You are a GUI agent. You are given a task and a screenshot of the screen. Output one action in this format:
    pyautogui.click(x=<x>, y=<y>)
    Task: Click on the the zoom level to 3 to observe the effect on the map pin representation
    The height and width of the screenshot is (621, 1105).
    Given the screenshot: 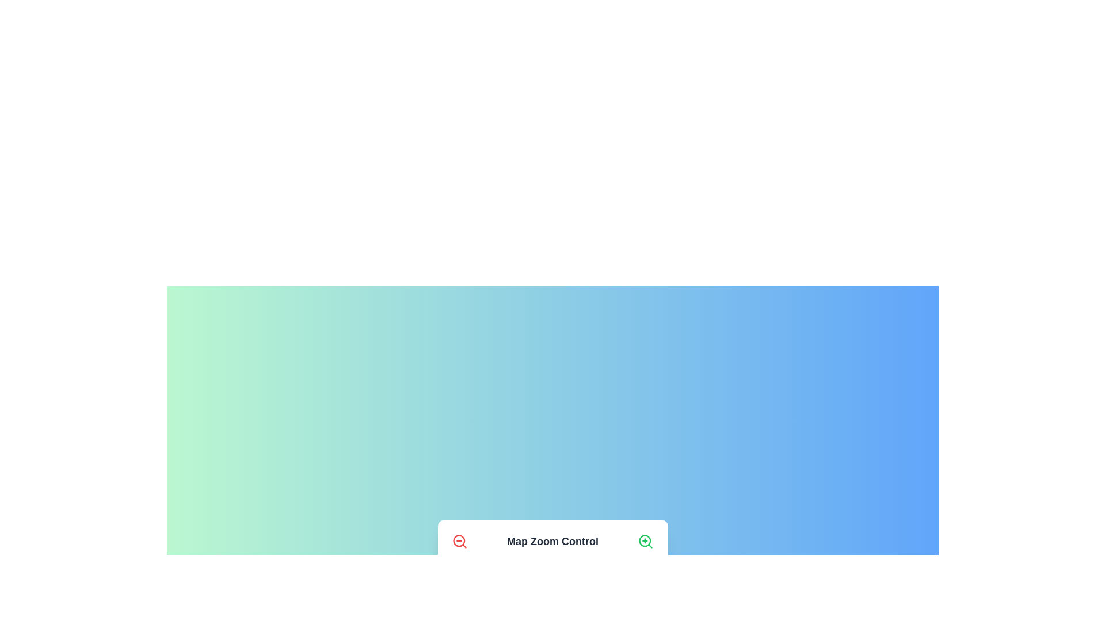 What is the action you would take?
    pyautogui.click(x=496, y=577)
    